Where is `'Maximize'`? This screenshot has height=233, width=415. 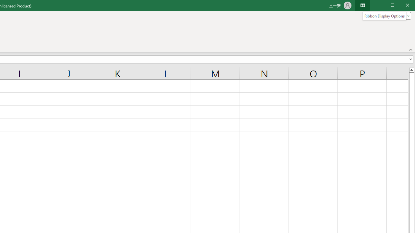
'Maximize' is located at coordinates (401, 6).